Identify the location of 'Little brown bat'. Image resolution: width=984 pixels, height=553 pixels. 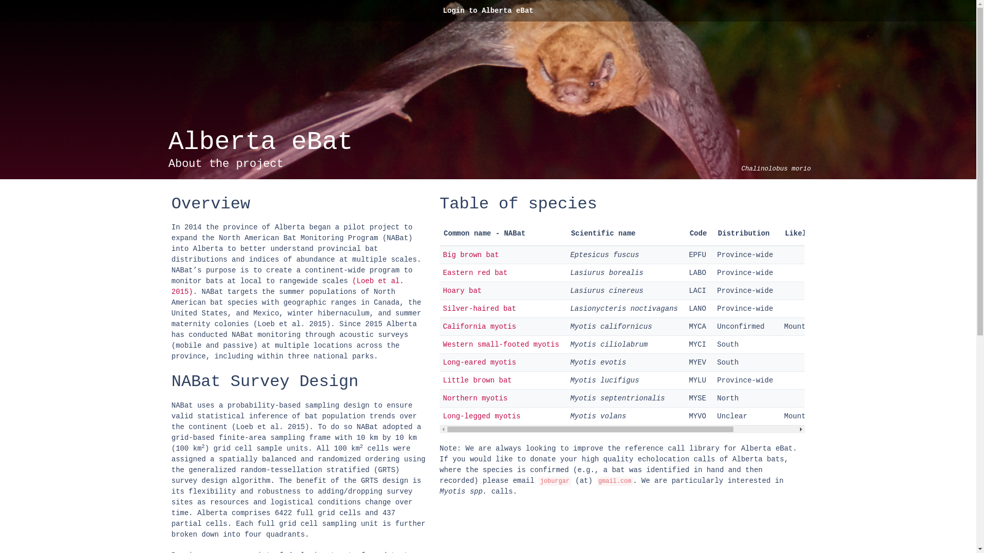
(477, 380).